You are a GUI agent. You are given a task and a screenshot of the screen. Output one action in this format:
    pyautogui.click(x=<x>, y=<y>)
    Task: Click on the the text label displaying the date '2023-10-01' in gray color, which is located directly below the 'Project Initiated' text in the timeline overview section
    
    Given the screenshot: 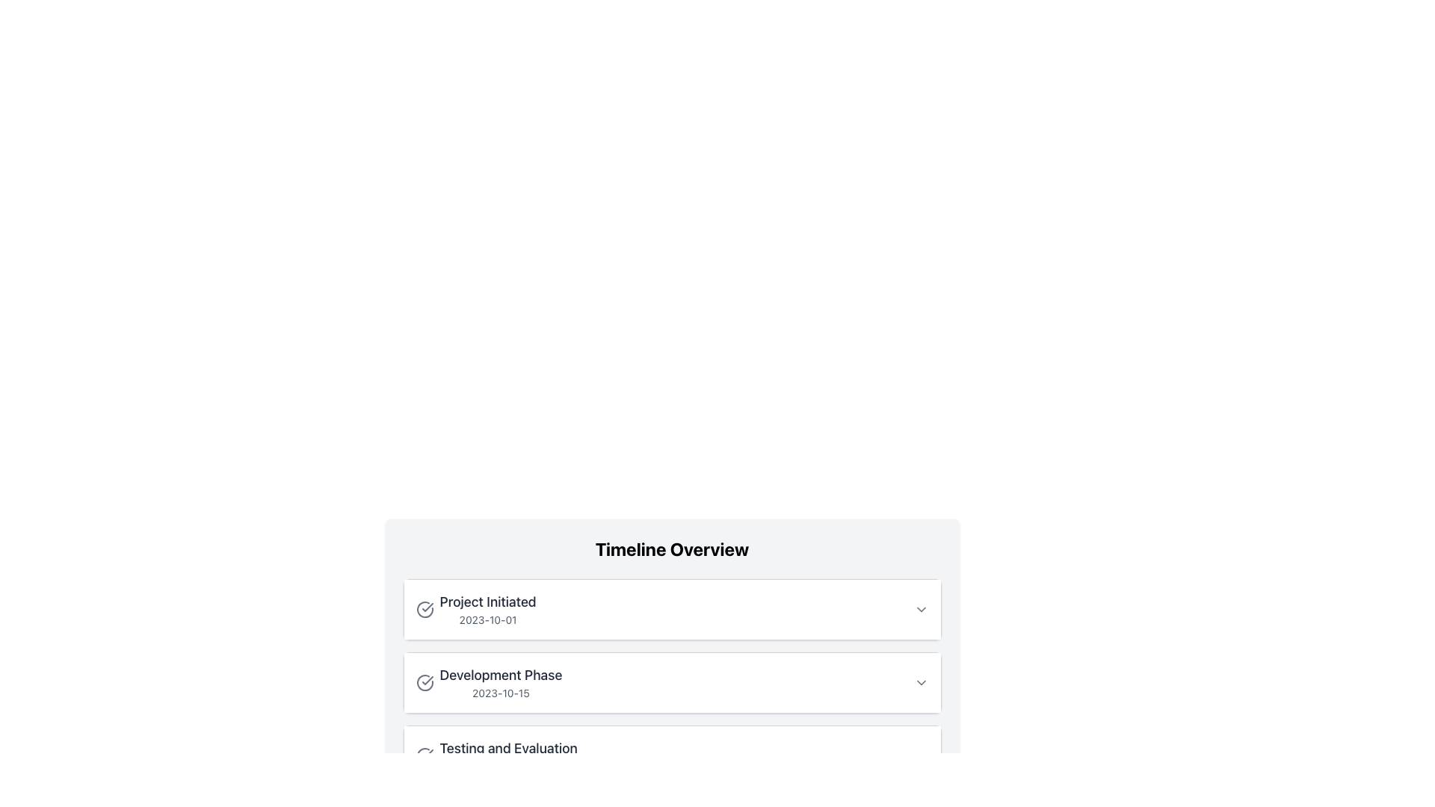 What is the action you would take?
    pyautogui.click(x=487, y=619)
    